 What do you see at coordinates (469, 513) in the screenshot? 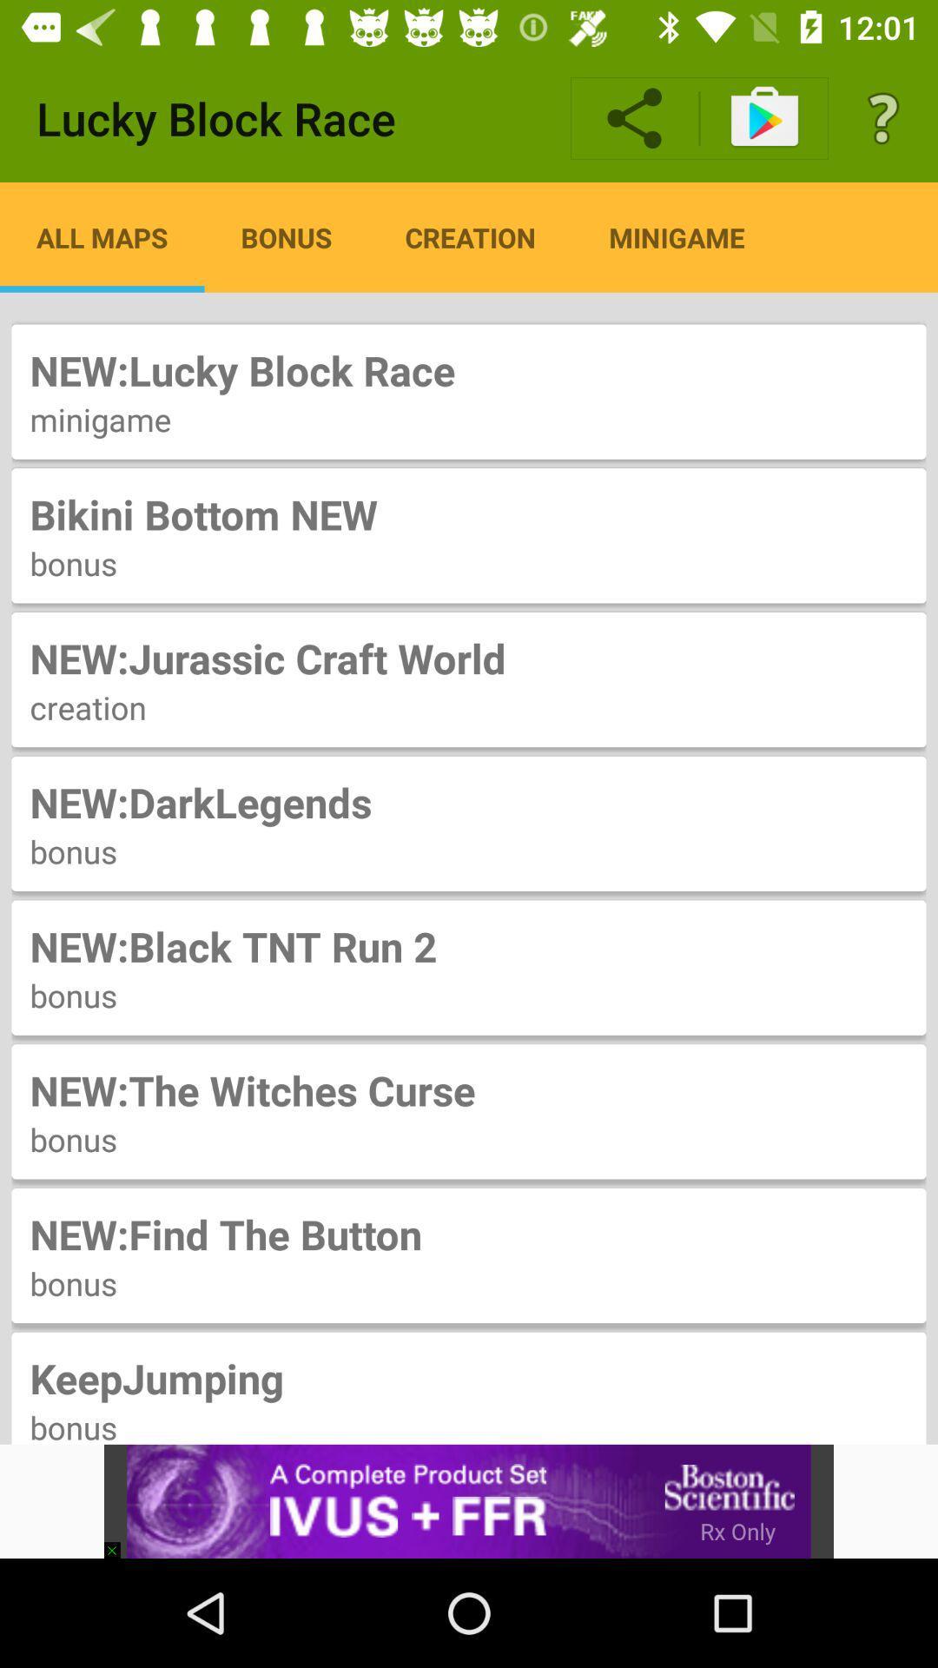
I see `bikini bottom new item` at bounding box center [469, 513].